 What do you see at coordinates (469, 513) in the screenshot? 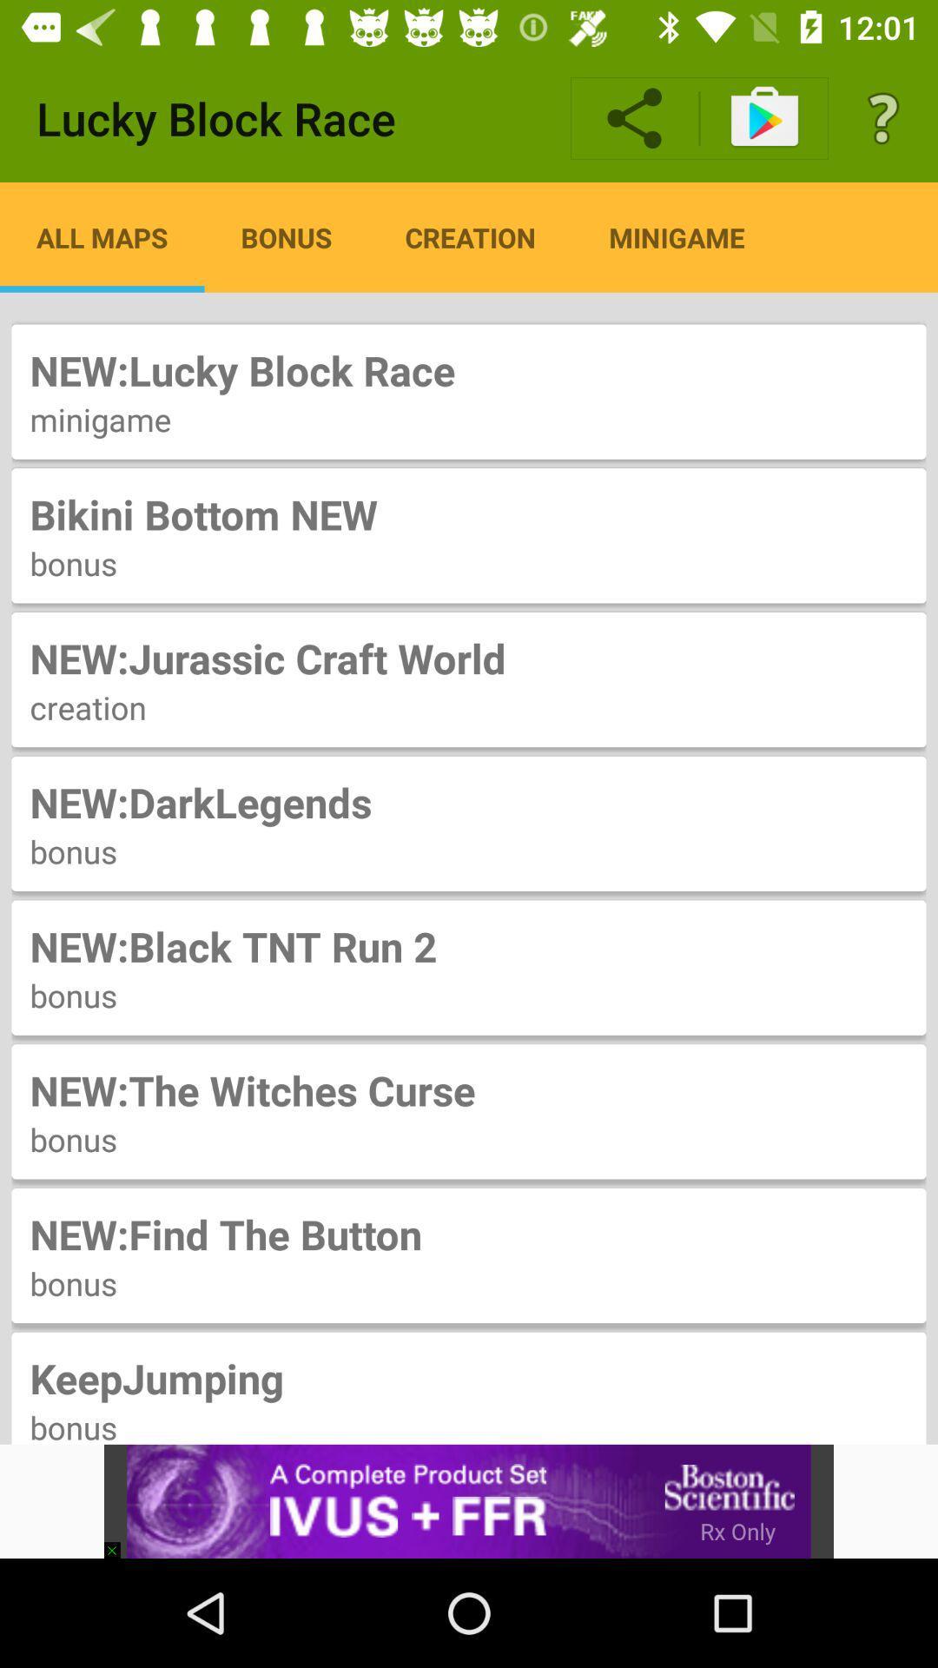
I see `bikini bottom new item` at bounding box center [469, 513].